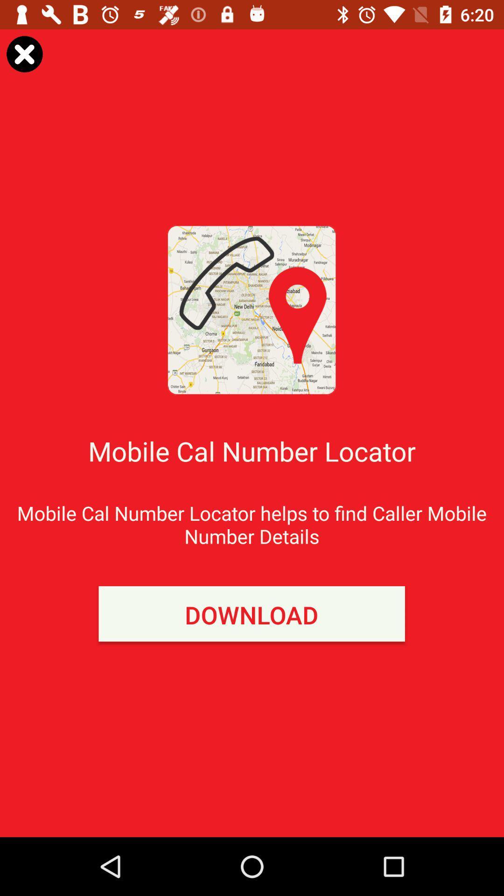 The image size is (504, 896). Describe the element at coordinates (24, 53) in the screenshot. I see `item at the top left corner` at that location.